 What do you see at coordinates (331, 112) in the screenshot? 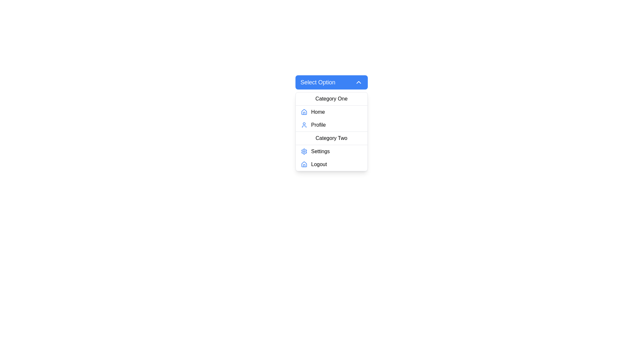
I see `the 'Home' navigation option in the dropdown menu, which is positioned below 'Category One' and above 'Profile'` at bounding box center [331, 112].